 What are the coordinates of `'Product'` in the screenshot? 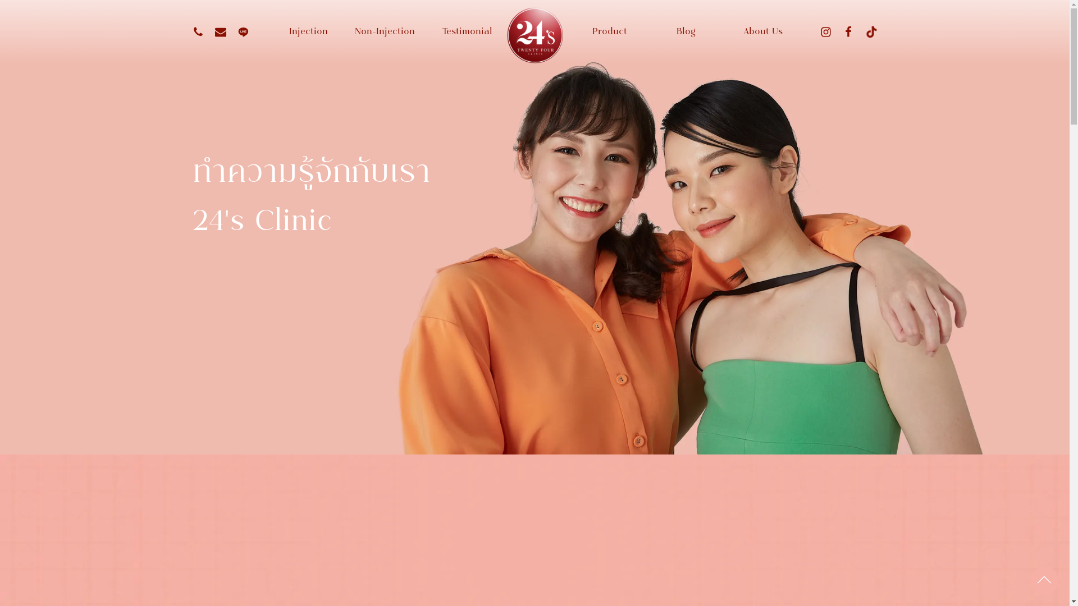 It's located at (609, 31).